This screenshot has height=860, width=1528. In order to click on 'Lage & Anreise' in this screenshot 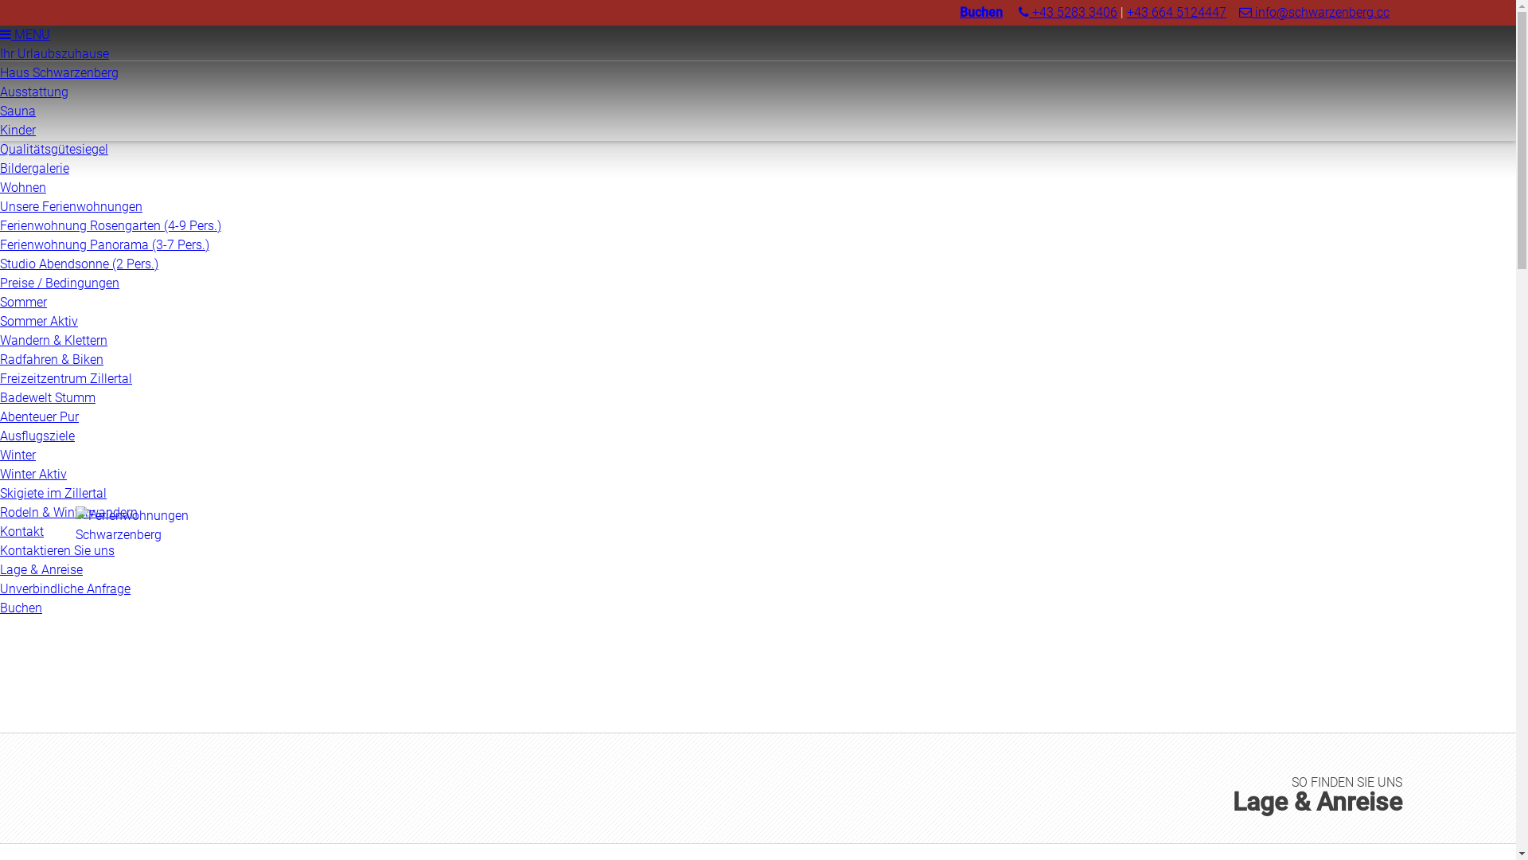, I will do `click(41, 569)`.